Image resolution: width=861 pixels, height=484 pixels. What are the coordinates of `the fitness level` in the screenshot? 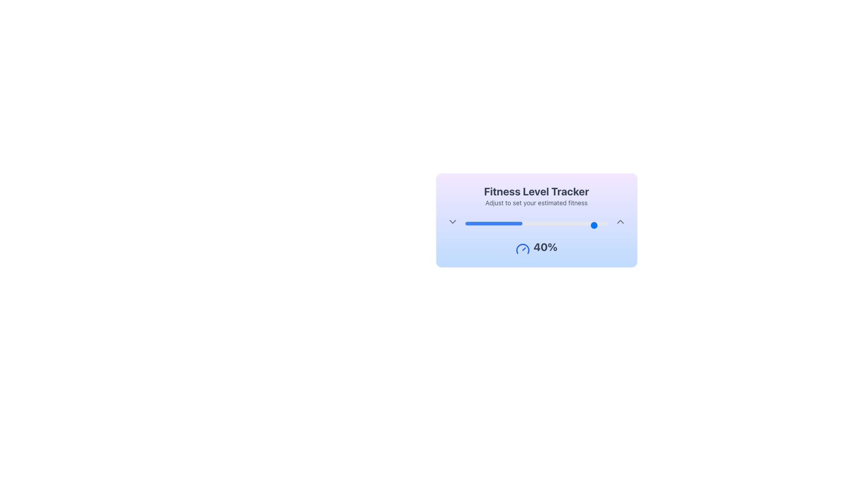 It's located at (600, 223).